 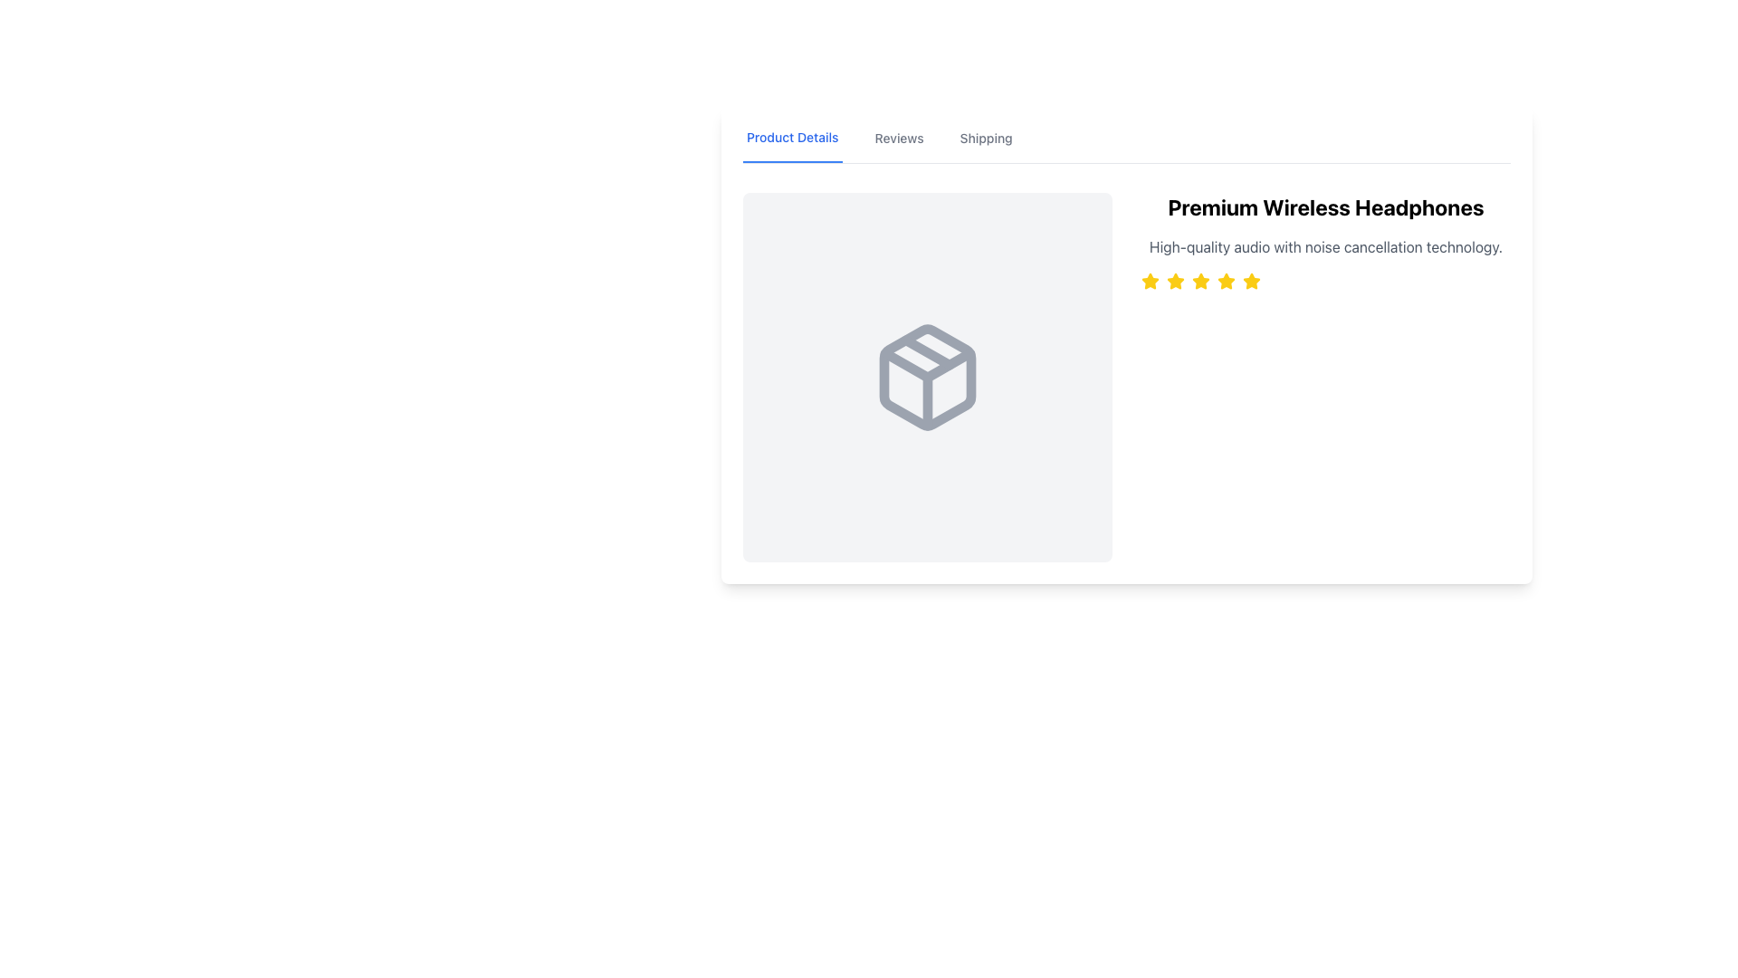 I want to click on the fourth star icon in the rating system, so click(x=1200, y=282).